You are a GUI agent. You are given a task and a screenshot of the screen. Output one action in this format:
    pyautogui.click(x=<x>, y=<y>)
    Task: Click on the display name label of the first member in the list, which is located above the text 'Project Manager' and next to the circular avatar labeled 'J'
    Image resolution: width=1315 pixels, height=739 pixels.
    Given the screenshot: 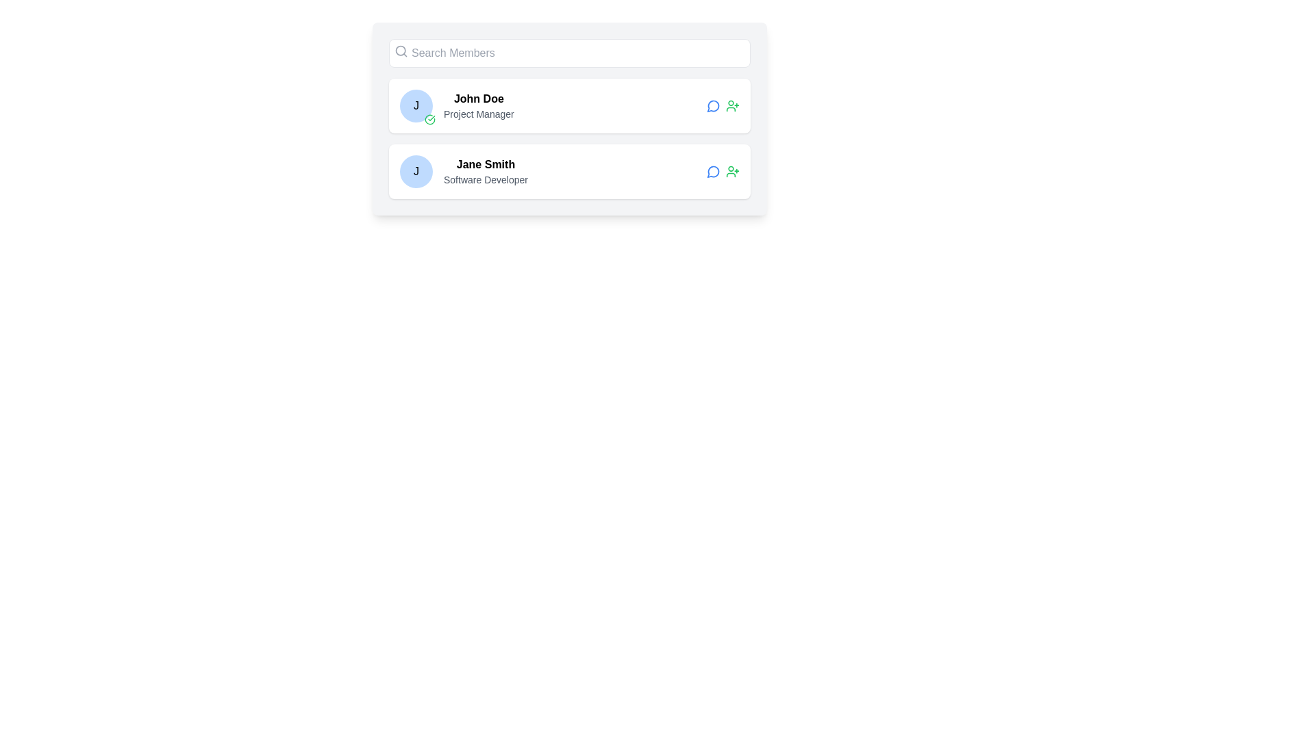 What is the action you would take?
    pyautogui.click(x=479, y=99)
    